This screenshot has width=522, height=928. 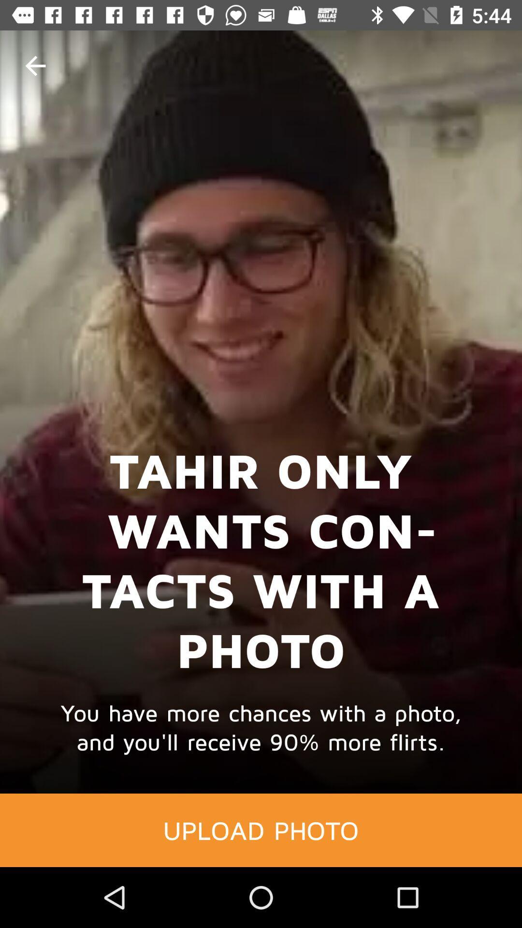 What do you see at coordinates (35, 65) in the screenshot?
I see `the item at the top left corner` at bounding box center [35, 65].